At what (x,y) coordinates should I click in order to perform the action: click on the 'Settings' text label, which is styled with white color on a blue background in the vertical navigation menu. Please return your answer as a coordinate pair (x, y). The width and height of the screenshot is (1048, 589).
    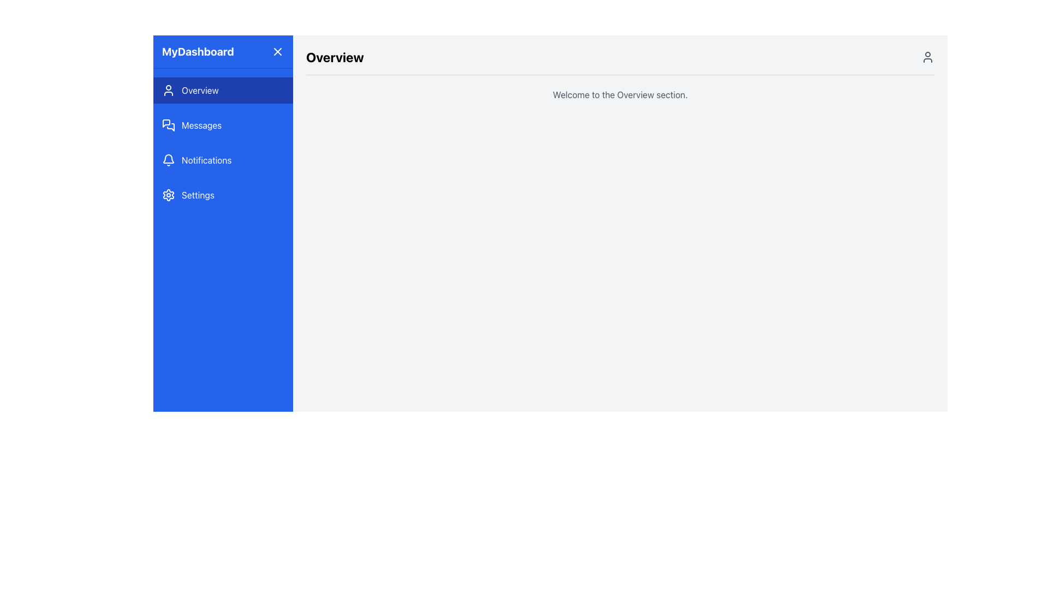
    Looking at the image, I should click on (198, 195).